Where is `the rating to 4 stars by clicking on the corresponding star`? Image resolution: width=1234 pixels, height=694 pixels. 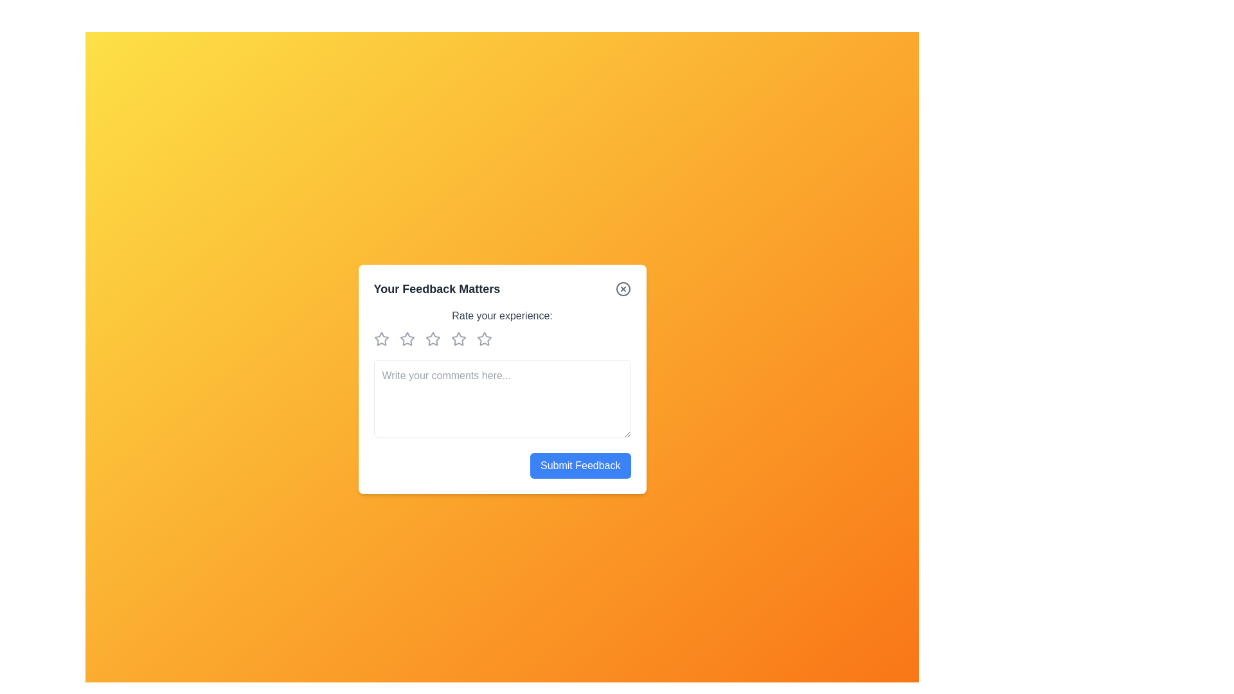 the rating to 4 stars by clicking on the corresponding star is located at coordinates (461, 338).